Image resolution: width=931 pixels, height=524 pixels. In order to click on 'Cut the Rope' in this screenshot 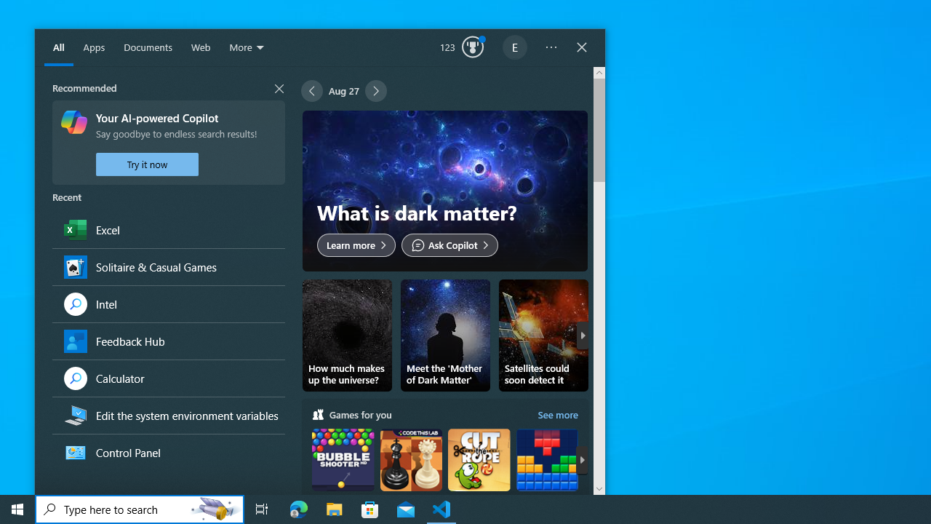, I will do `click(479, 473)`.